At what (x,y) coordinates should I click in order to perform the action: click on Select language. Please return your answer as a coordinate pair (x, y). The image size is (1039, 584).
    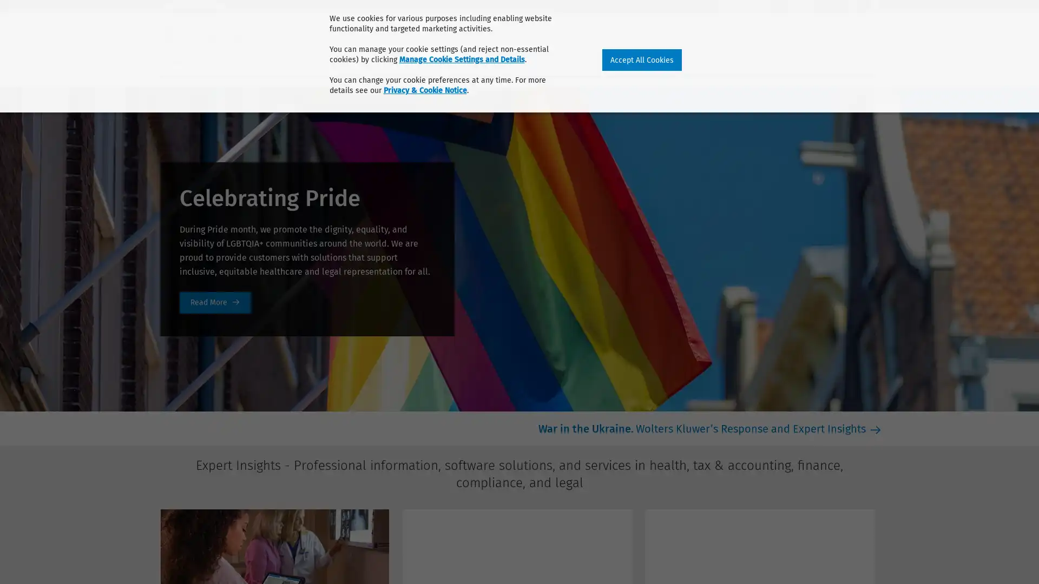
    Looking at the image, I should click on (874, 6).